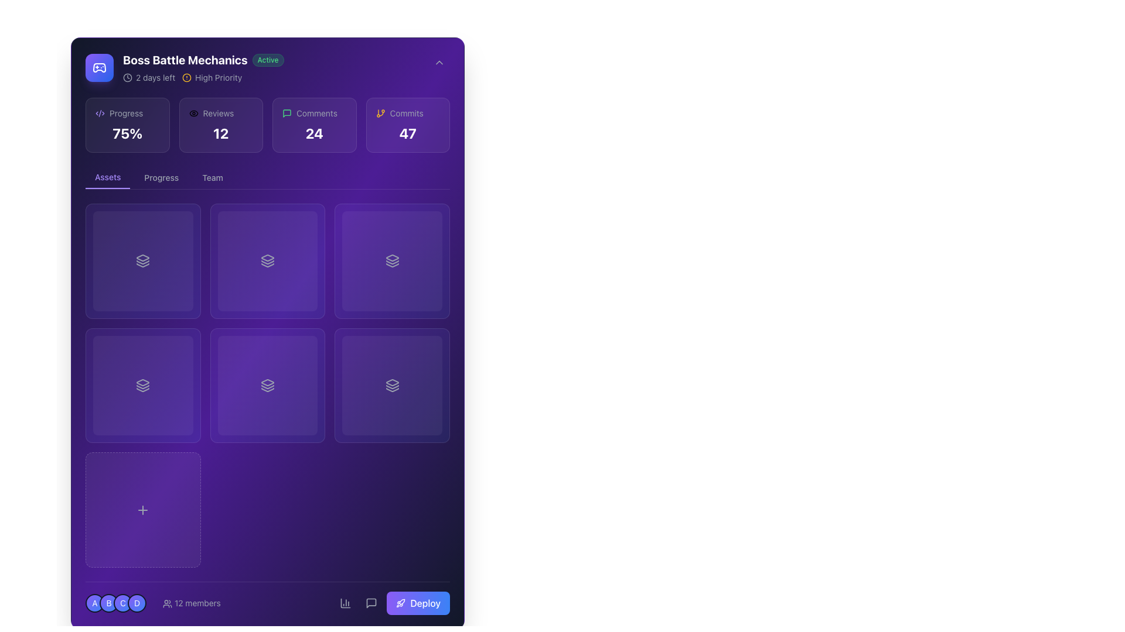  What do you see at coordinates (351, 150) in the screenshot?
I see `the decorative background component with a violet gradient located in the top-right corner of the layout` at bounding box center [351, 150].